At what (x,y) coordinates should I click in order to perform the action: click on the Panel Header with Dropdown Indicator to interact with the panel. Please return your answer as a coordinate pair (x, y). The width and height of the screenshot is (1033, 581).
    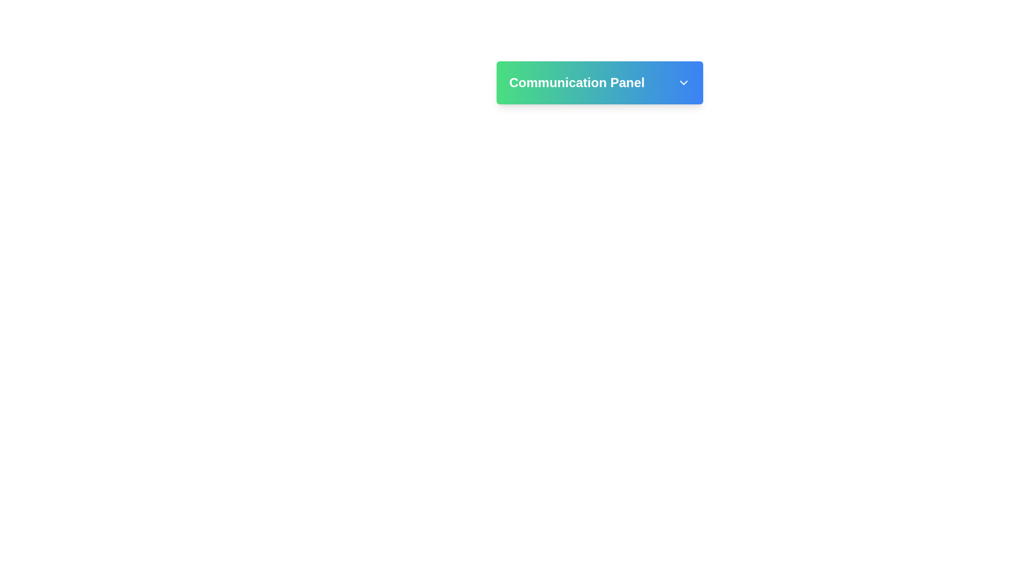
    Looking at the image, I should click on (599, 82).